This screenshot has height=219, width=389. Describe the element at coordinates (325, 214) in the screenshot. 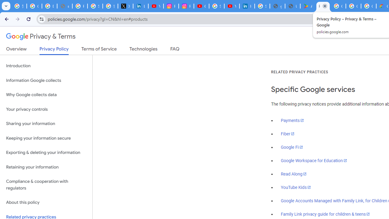

I see `'Family Link privacy guide for children & teens'` at that location.